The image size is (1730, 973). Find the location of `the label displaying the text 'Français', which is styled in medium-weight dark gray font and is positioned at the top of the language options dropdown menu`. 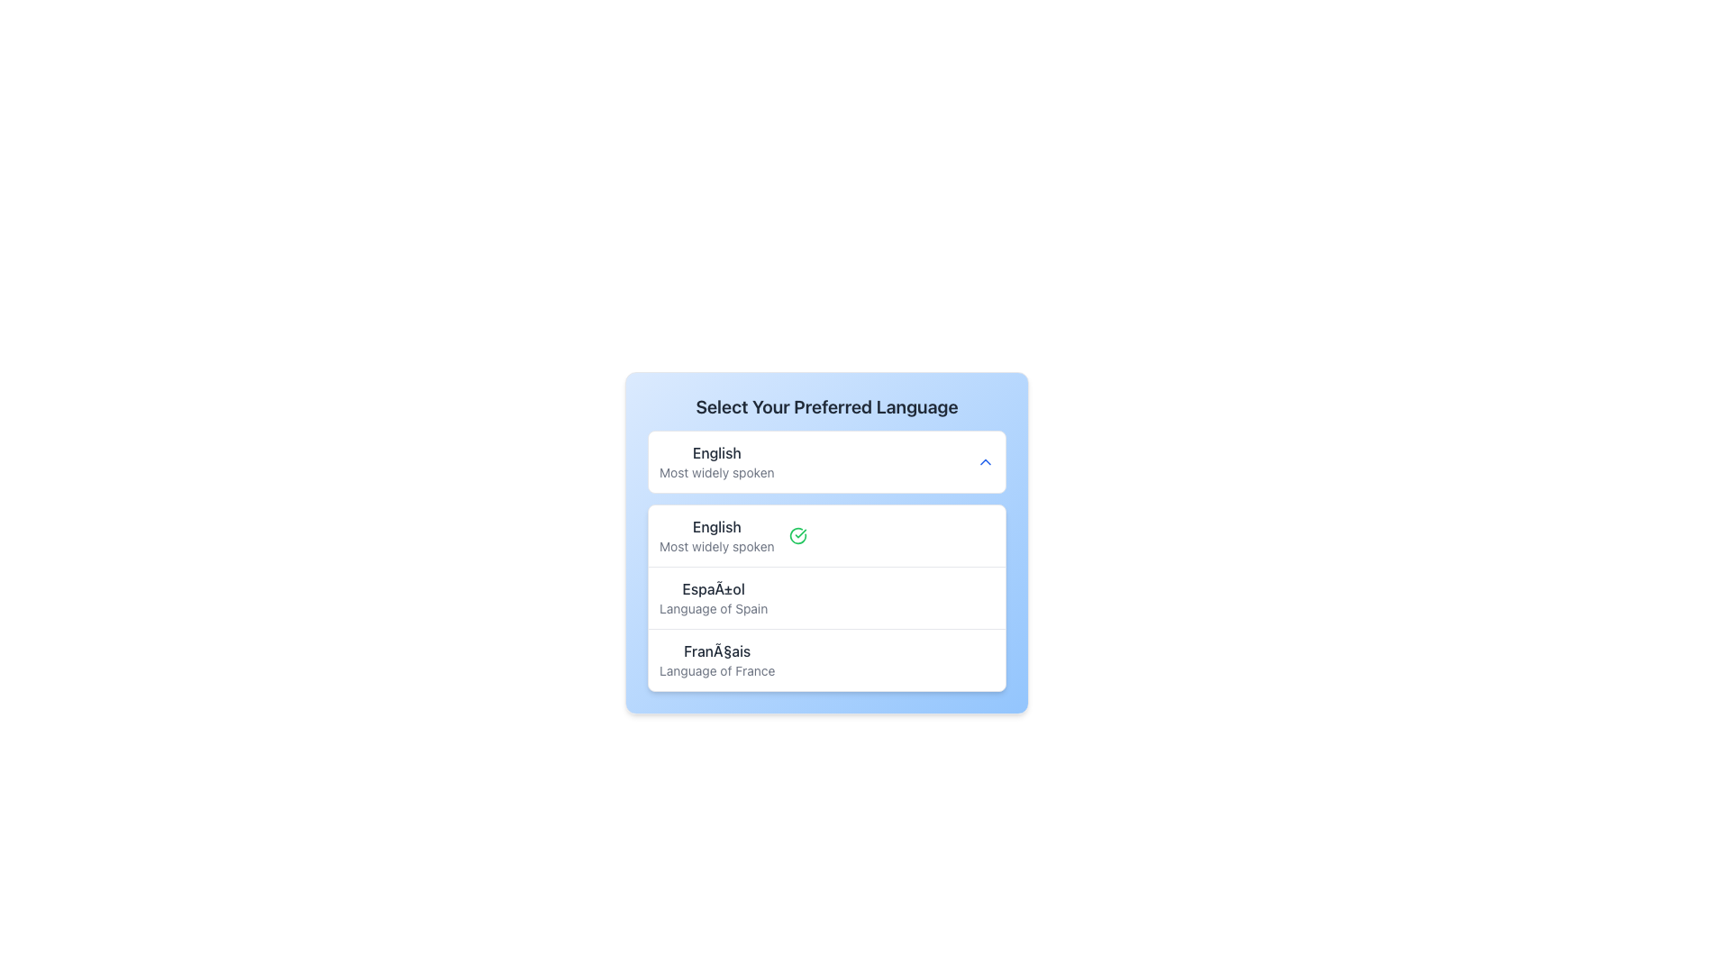

the label displaying the text 'Français', which is styled in medium-weight dark gray font and is positioned at the top of the language options dropdown menu is located at coordinates (716, 650).